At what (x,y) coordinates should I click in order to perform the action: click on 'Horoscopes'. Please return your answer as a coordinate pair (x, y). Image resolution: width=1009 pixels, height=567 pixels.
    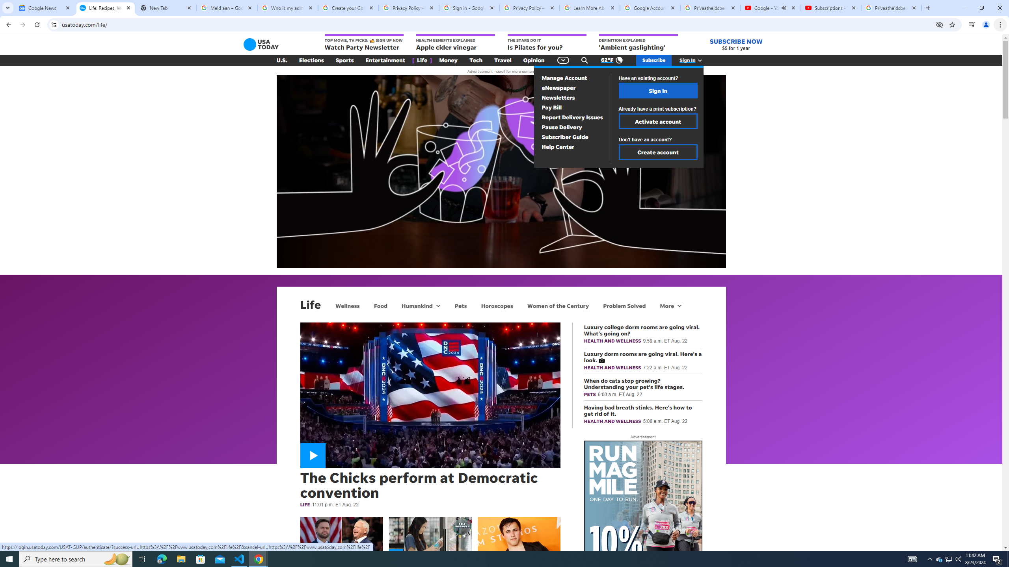
    Looking at the image, I should click on (496, 305).